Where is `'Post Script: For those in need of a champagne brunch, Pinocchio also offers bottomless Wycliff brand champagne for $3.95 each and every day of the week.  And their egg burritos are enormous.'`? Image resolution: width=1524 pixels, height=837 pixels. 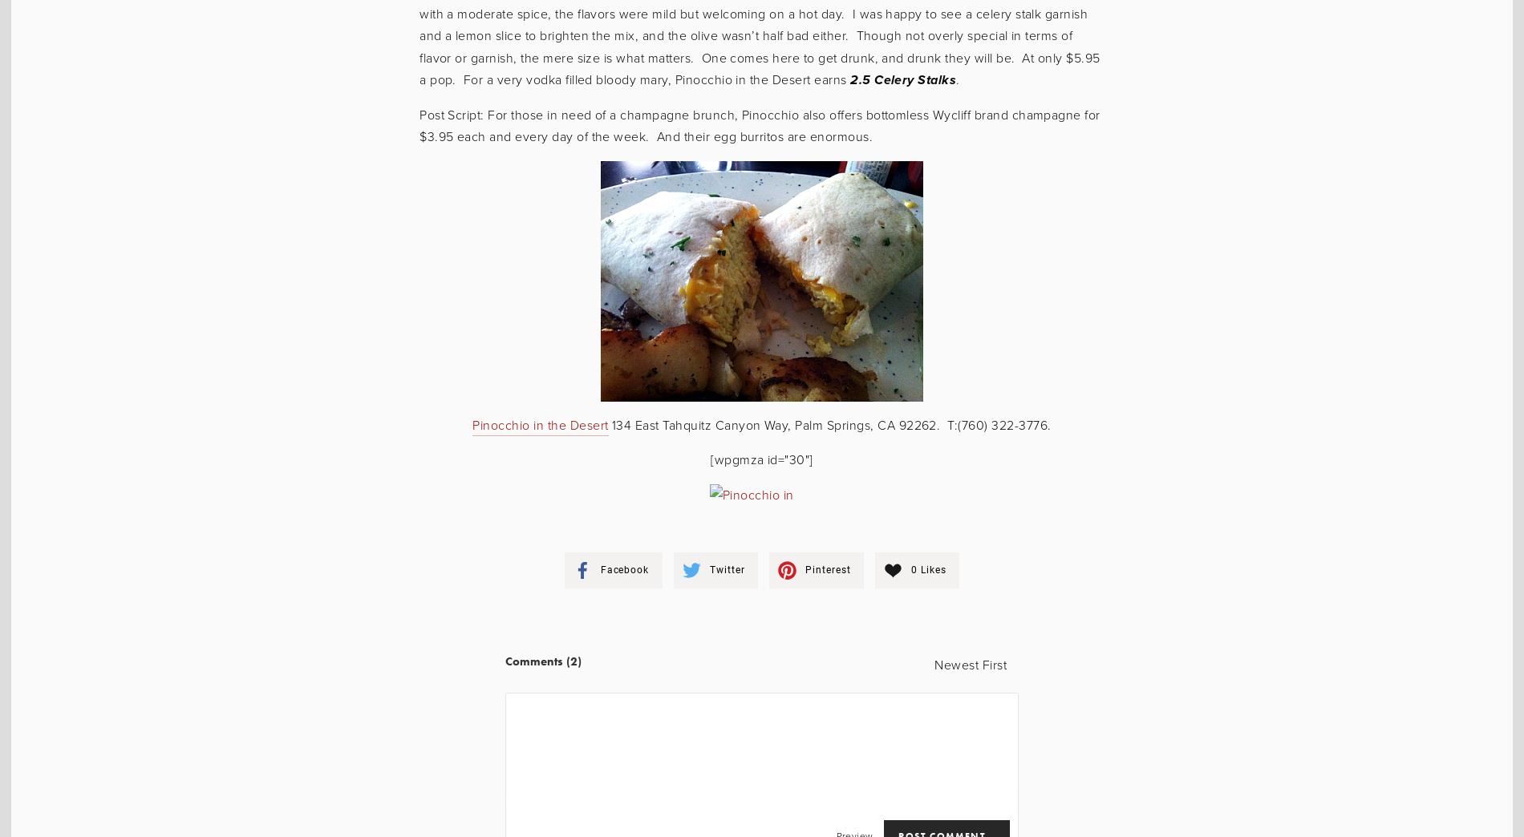
'Post Script: For those in need of a champagne brunch, Pinocchio also offers bottomless Wycliff brand champagne for $3.95 each and every day of the week.  And their egg burritos are enormous.' is located at coordinates (758, 124).